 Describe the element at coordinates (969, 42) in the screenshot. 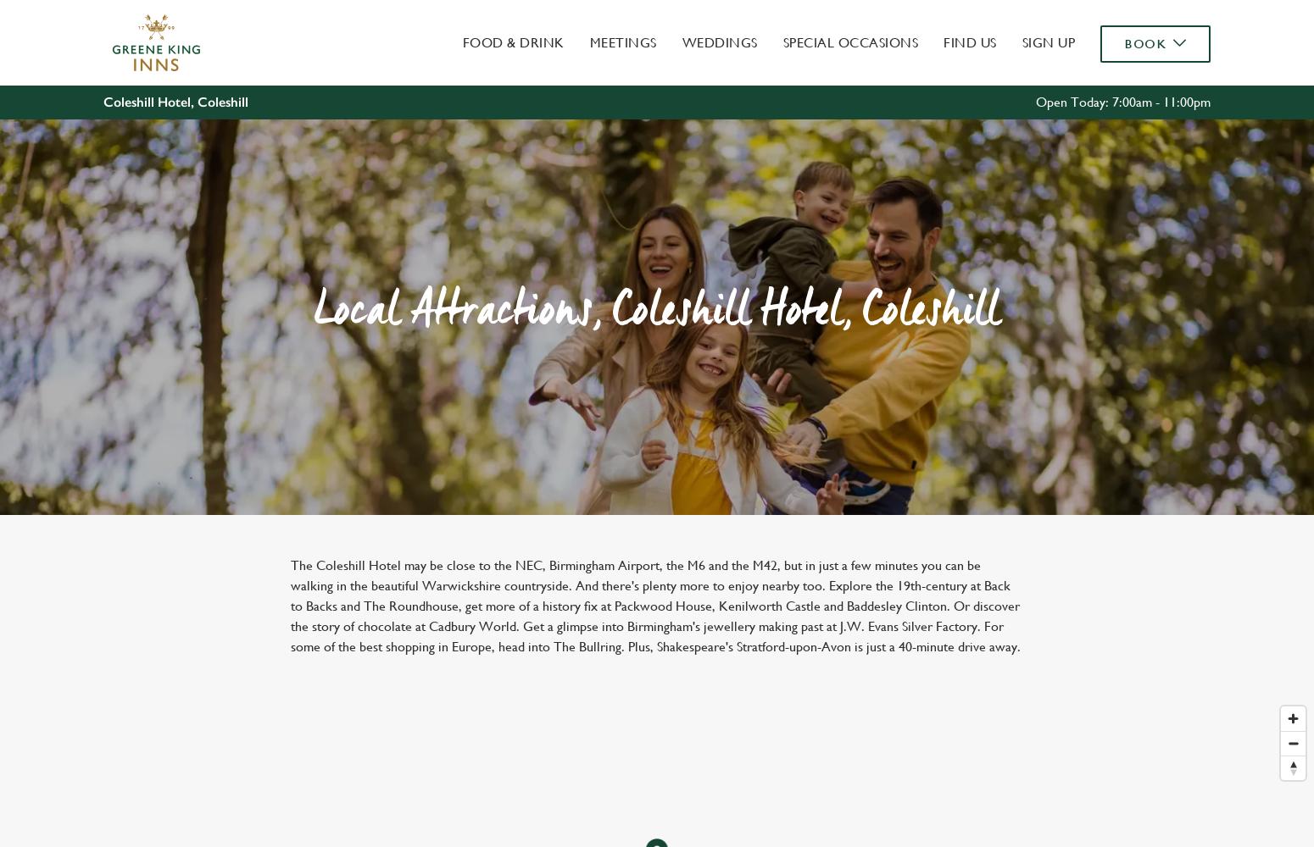

I see `'Find Us'` at that location.